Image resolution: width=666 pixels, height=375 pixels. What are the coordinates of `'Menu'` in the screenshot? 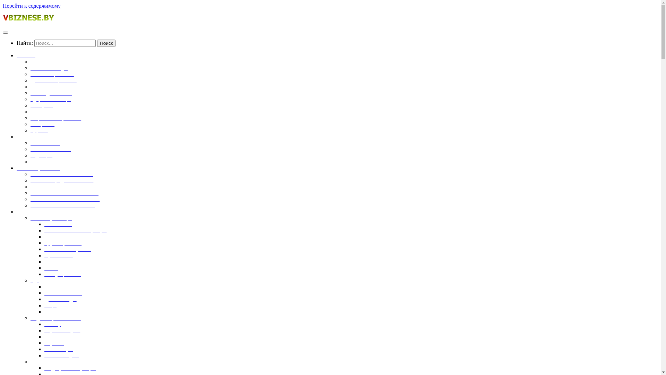 It's located at (5, 32).